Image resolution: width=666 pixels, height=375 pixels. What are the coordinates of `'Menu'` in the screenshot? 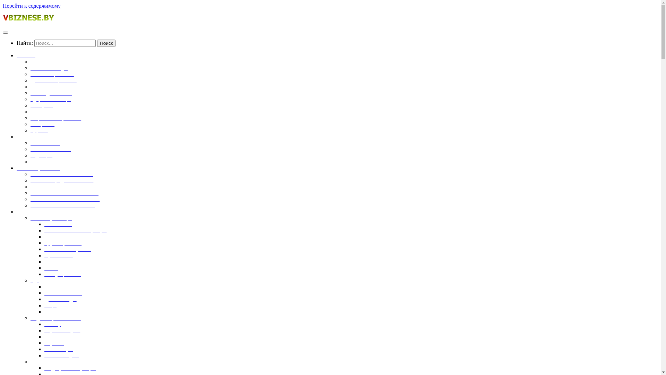 It's located at (5, 32).